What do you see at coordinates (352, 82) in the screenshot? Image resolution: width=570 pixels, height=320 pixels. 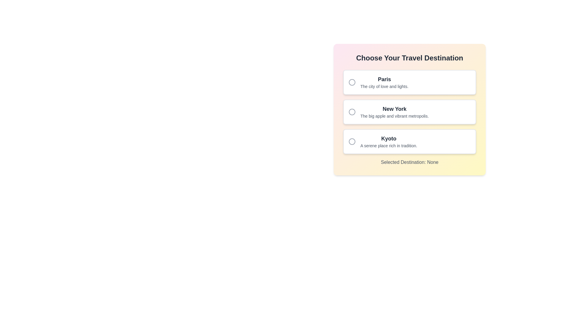 I see `the radio button for the 'Paris' option` at bounding box center [352, 82].